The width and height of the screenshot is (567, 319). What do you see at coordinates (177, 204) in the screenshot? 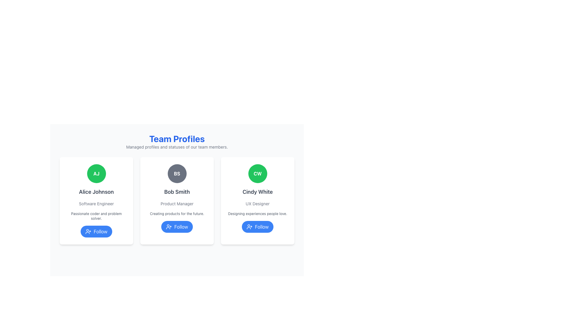
I see `the static text displaying 'Product Manager' in a small, gray font located beneath 'Bob Smith' in the profile details card` at bounding box center [177, 204].